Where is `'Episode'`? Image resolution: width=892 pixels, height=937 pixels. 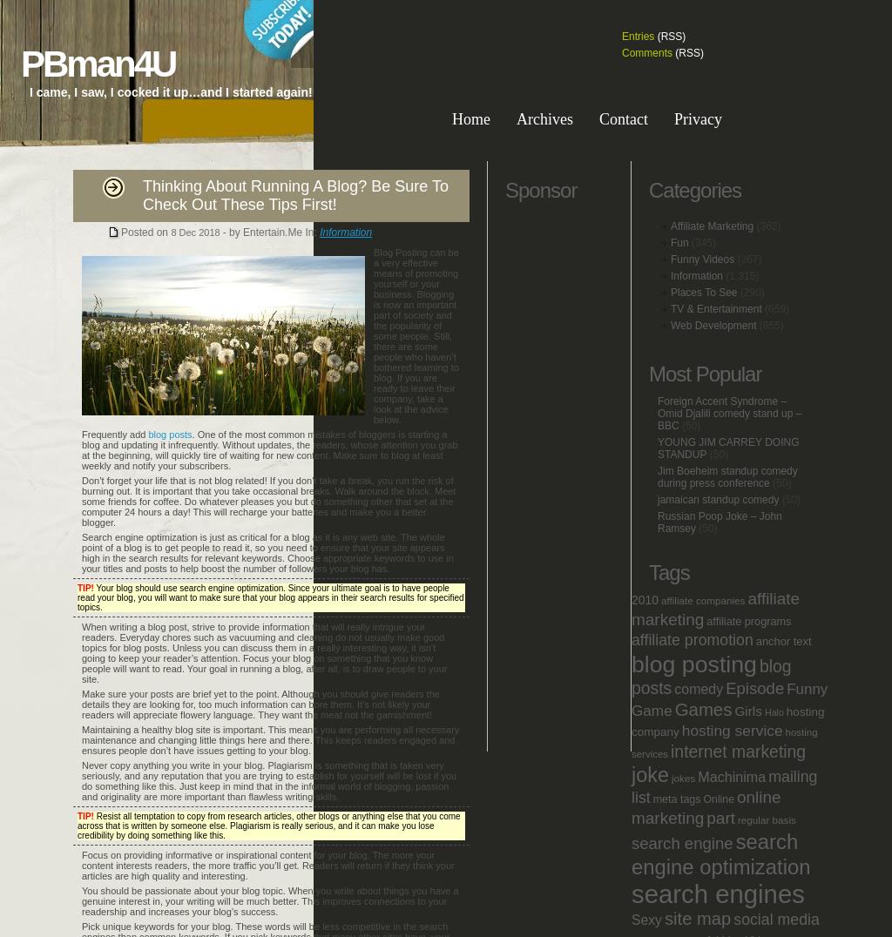
'Episode' is located at coordinates (754, 688).